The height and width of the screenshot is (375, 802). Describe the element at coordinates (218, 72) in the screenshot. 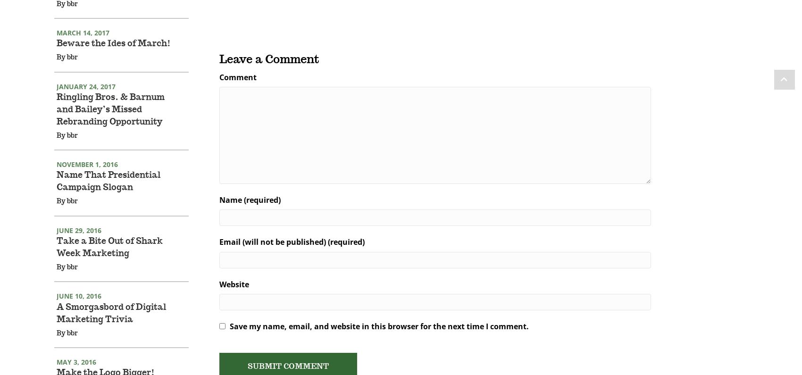

I see `'Leave a Comment'` at that location.